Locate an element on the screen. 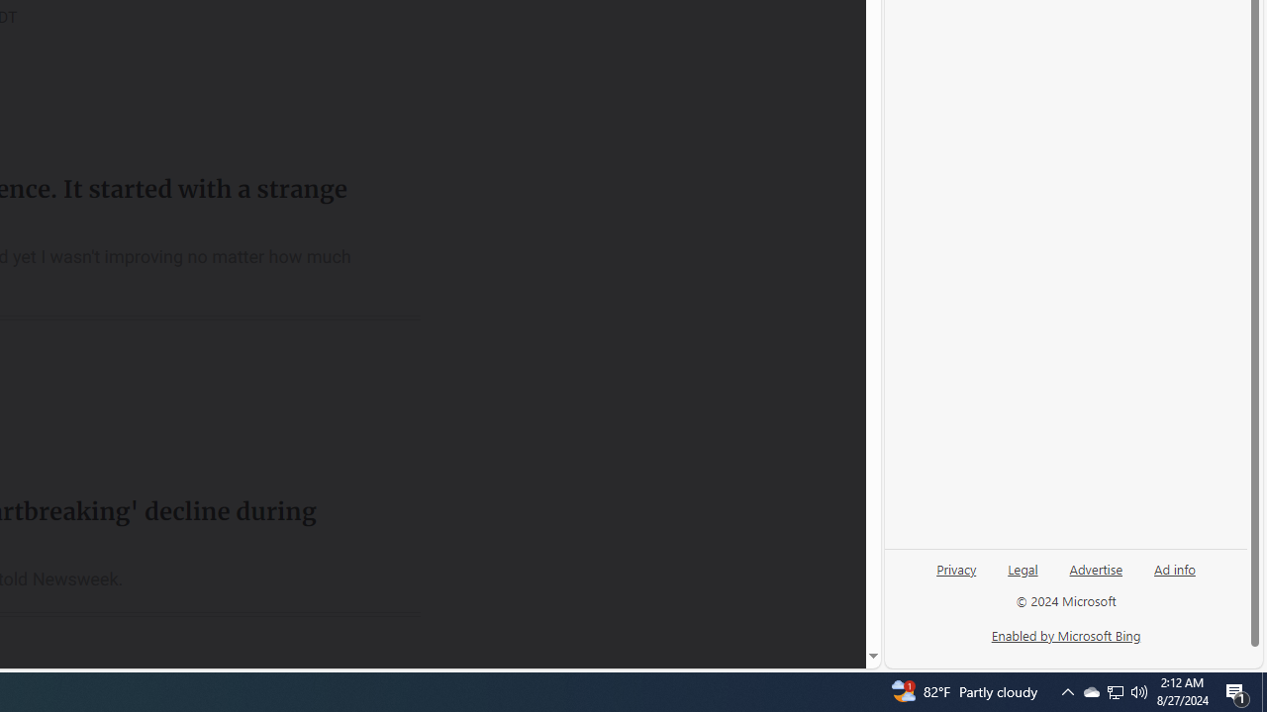 This screenshot has width=1267, height=712. 'Privacy' is located at coordinates (957, 577).